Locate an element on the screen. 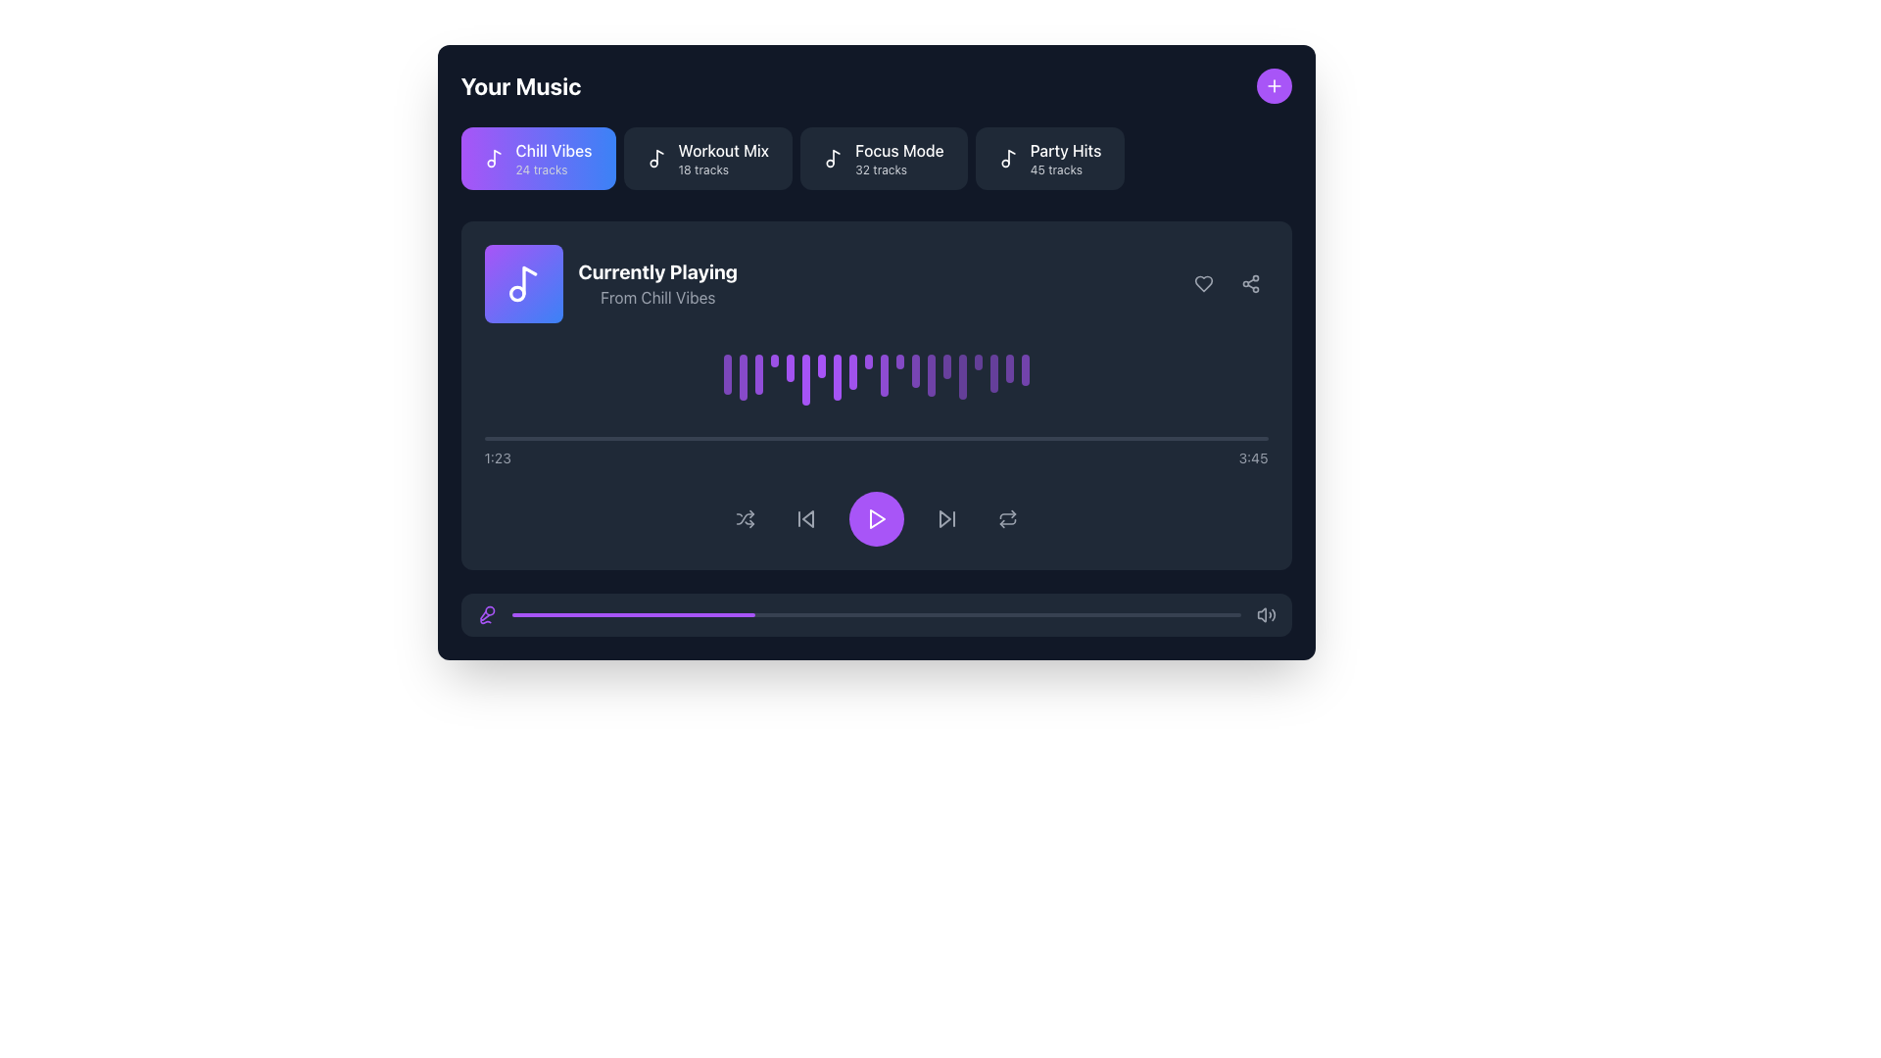 The height and width of the screenshot is (1058, 1881). the 'Skip Back' button, which is represented by an icon of a back arrow with a vertical line next to it, located in the playback controls at the bottom-middle section of the interface is located at coordinates (805, 518).